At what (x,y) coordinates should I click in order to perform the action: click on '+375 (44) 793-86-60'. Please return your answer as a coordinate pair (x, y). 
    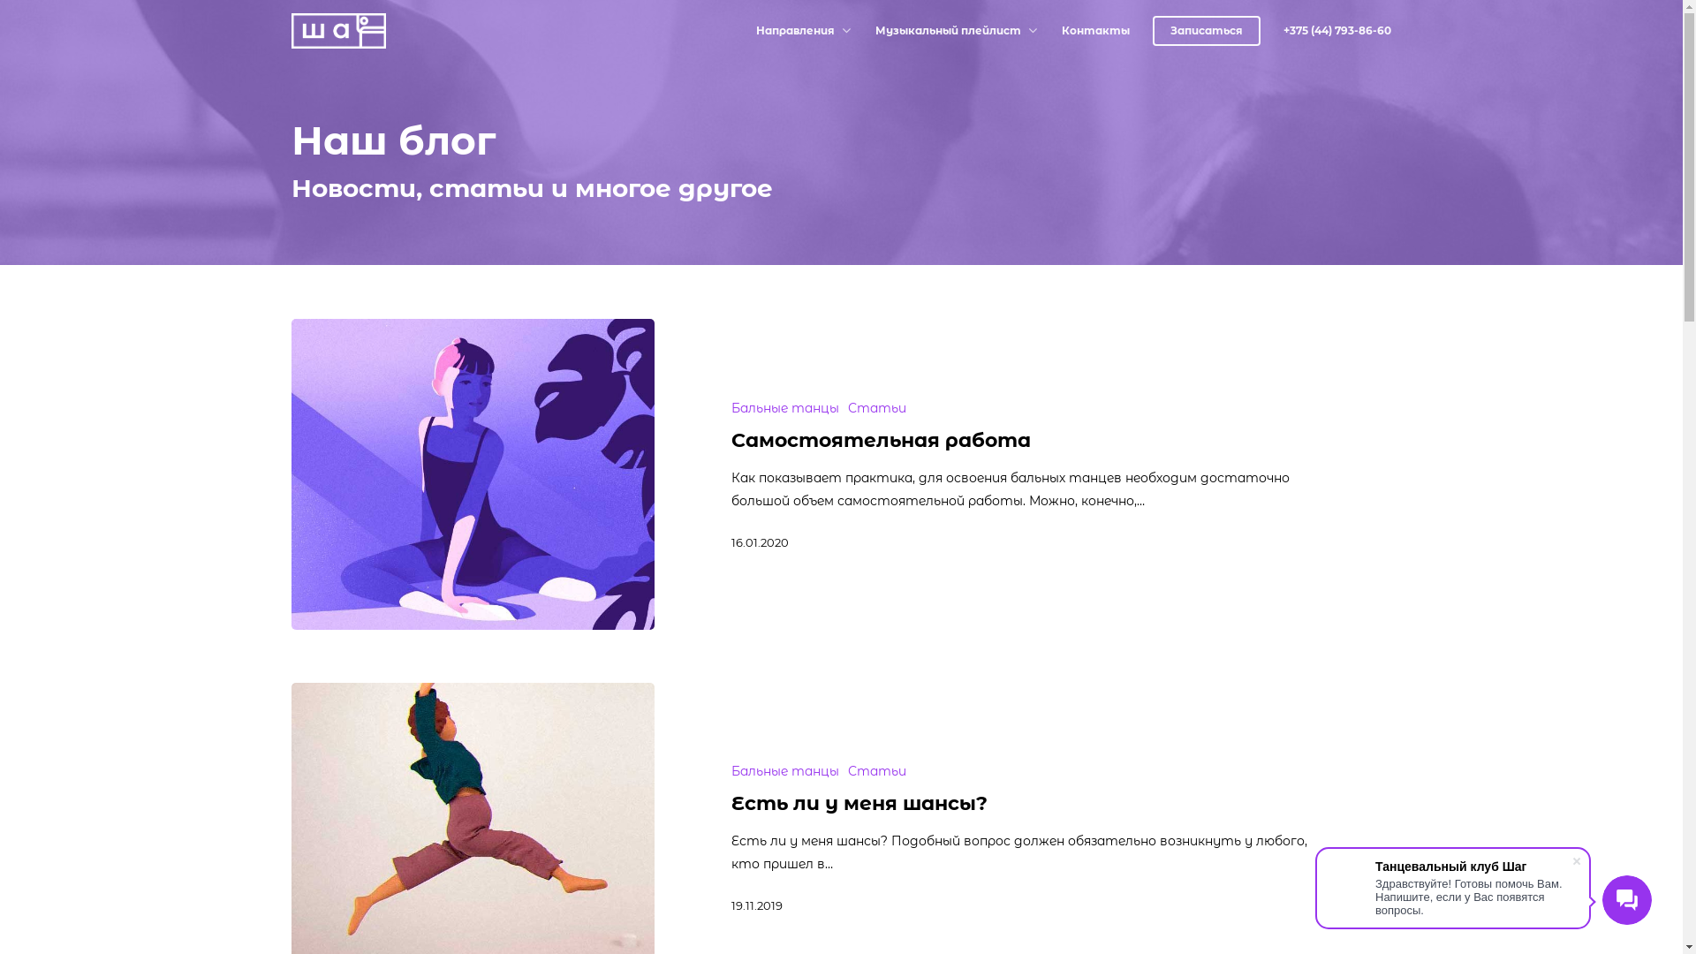
    Looking at the image, I should click on (1336, 30).